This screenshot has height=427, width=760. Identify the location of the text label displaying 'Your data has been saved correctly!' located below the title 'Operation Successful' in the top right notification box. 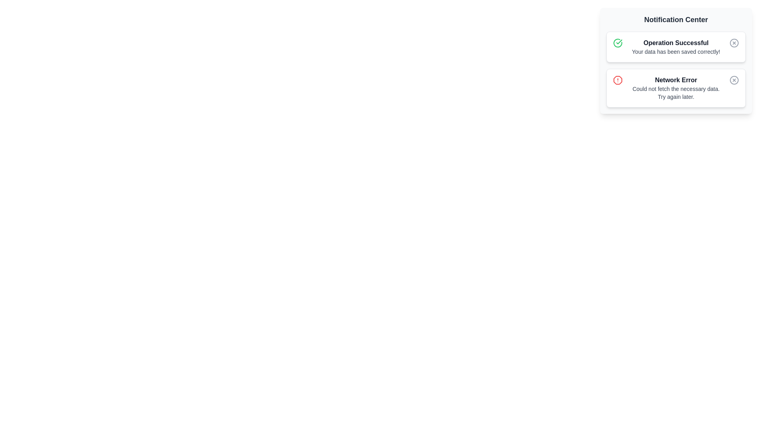
(676, 52).